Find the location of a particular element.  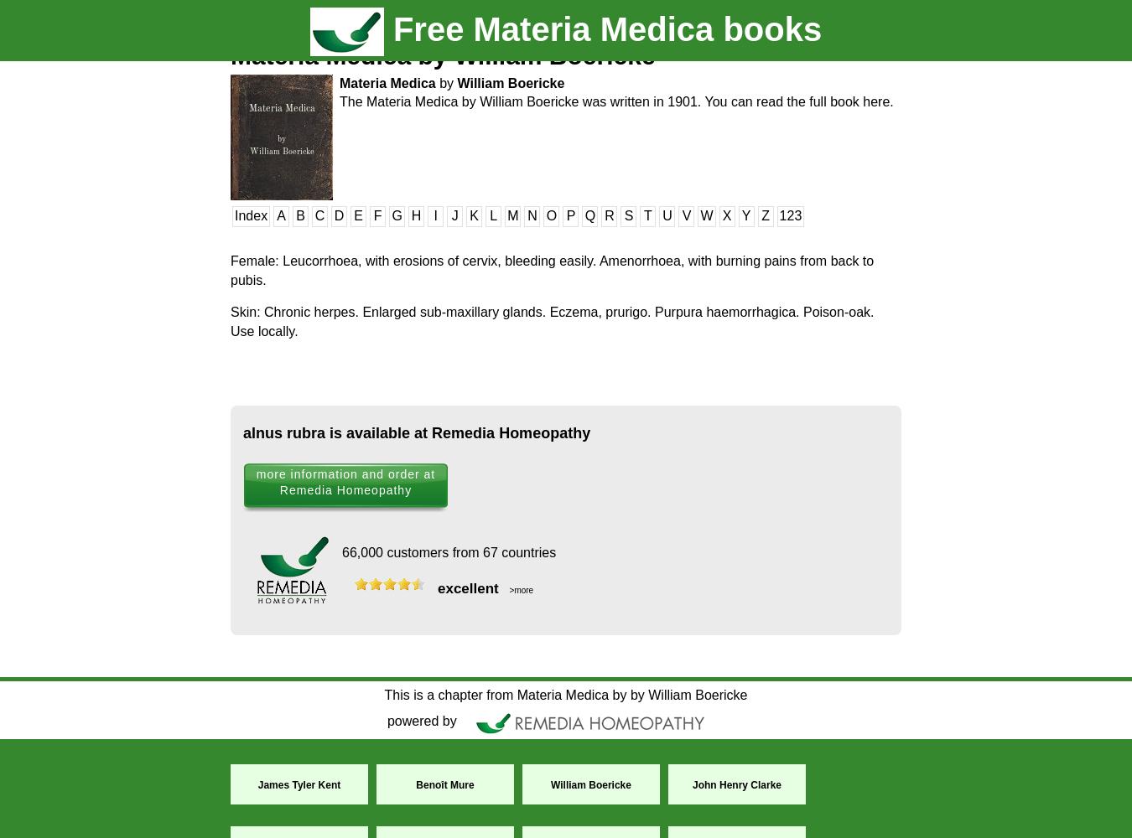

'John Henry Clarke' is located at coordinates (736, 784).